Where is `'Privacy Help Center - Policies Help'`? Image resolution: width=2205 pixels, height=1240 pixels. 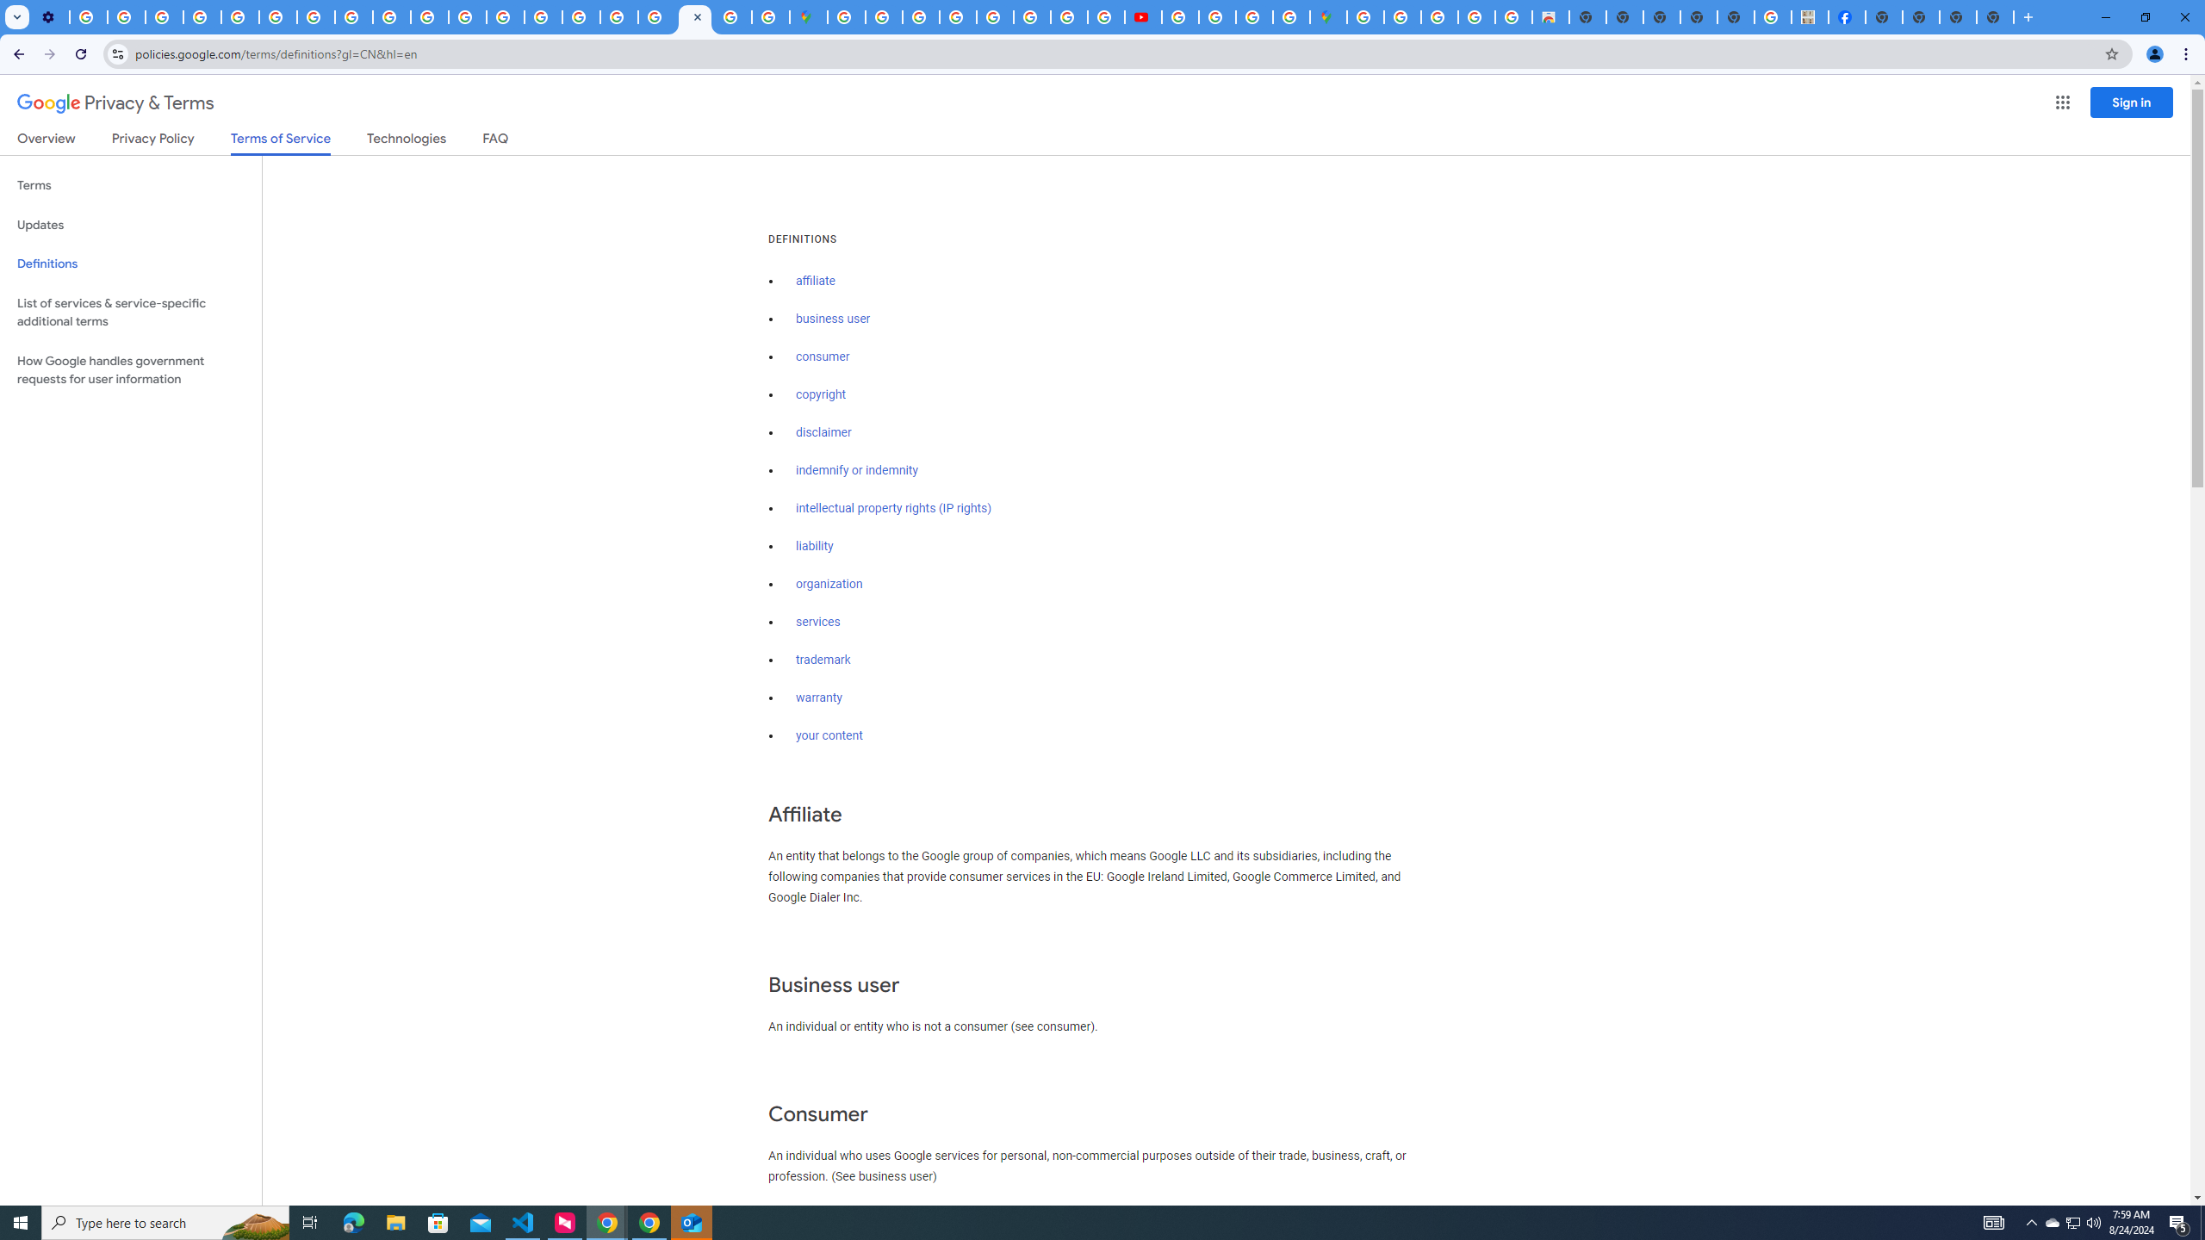 'Privacy Help Center - Policies Help' is located at coordinates (239, 16).